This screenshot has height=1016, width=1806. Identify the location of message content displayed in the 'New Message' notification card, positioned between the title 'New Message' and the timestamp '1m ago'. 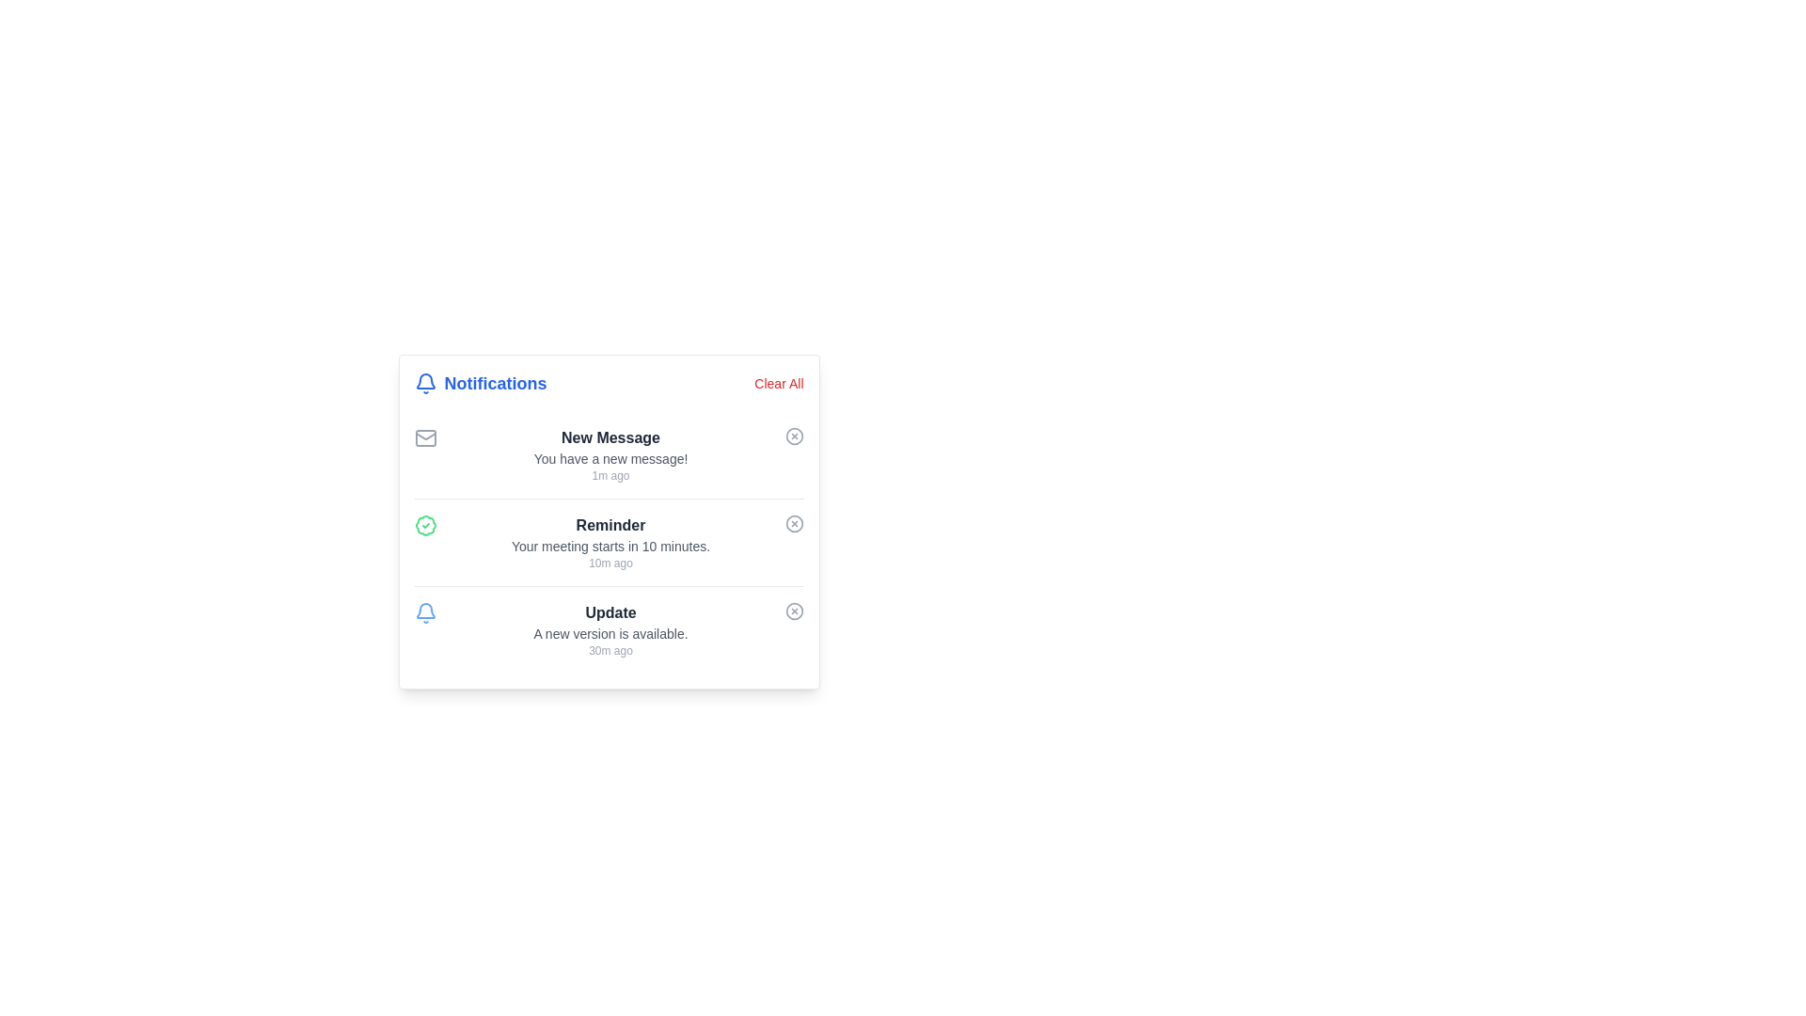
(610, 459).